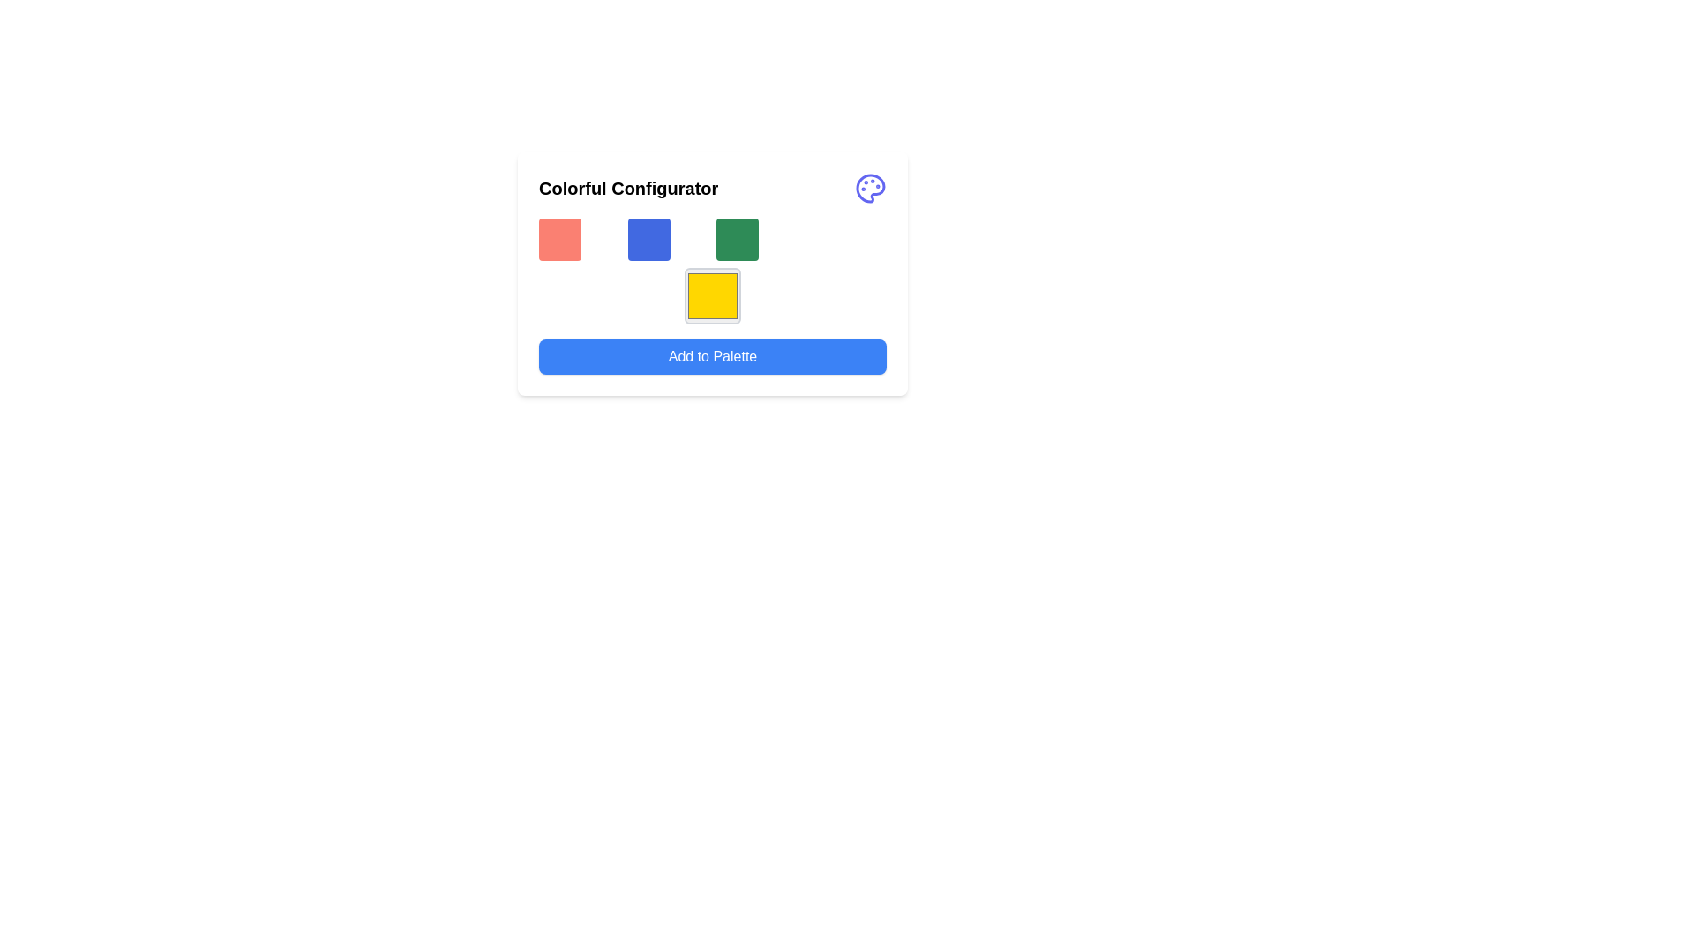 This screenshot has width=1694, height=952. What do you see at coordinates (871, 188) in the screenshot?
I see `the circular graphic resembling a palette with artistic design, located in the top-right corner of the interface, near the 'Colorful Configurator' label` at bounding box center [871, 188].